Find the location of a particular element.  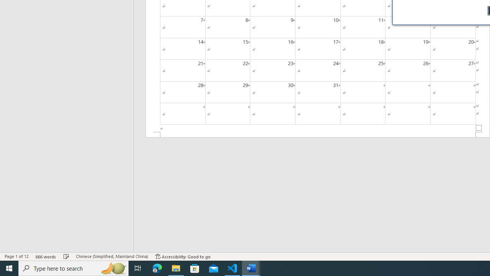

'Language Chinese (Simplified, Mainland China)' is located at coordinates (111, 256).